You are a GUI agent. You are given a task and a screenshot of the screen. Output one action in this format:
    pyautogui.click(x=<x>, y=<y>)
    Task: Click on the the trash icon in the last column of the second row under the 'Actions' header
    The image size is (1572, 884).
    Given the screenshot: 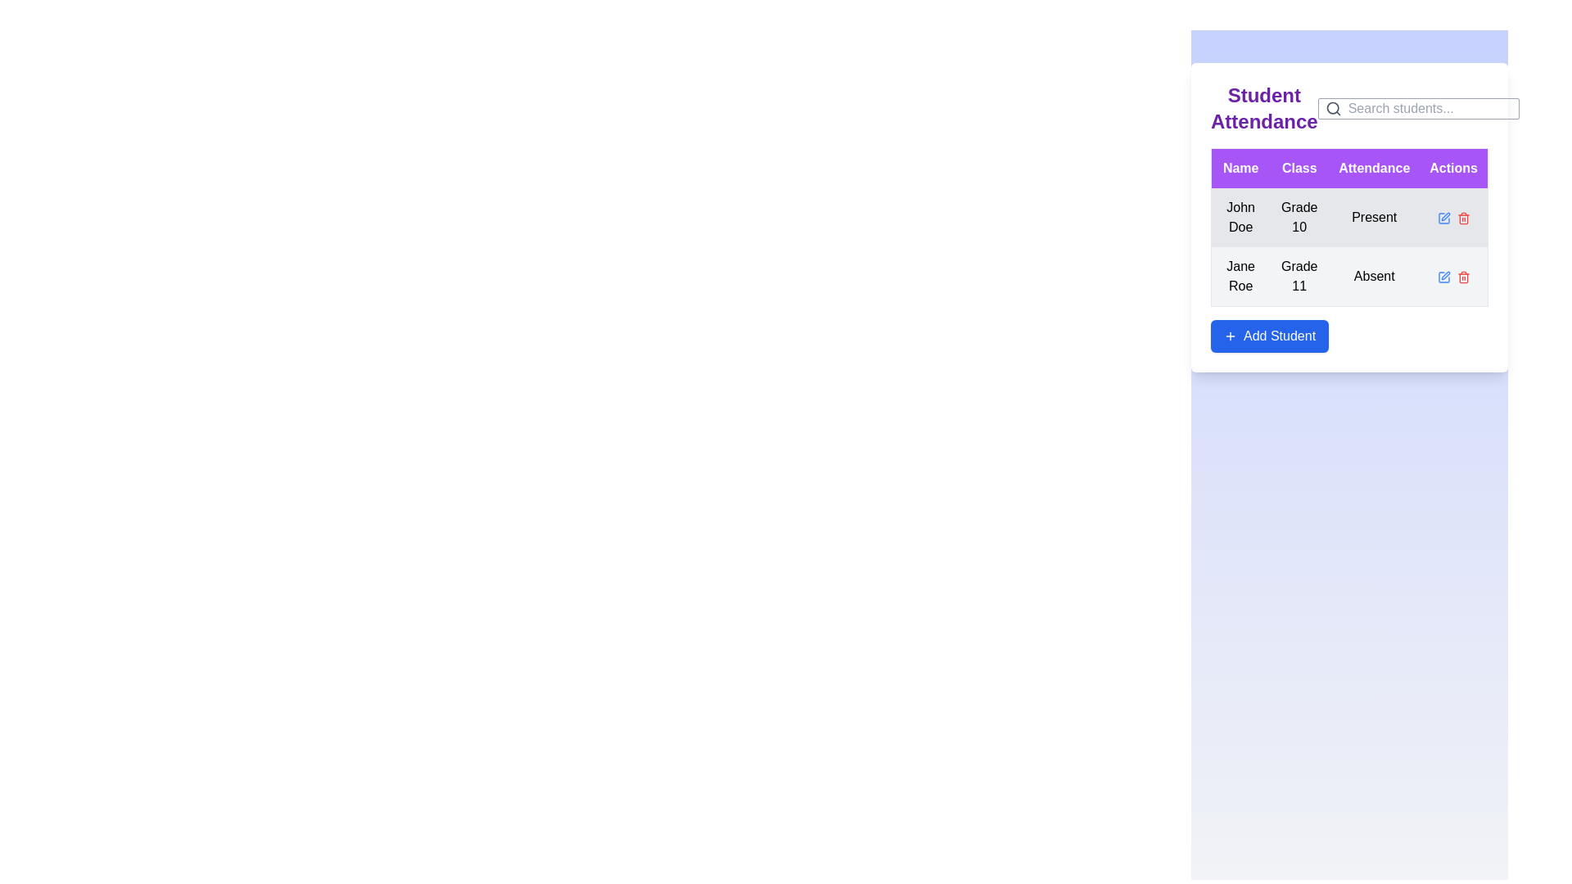 What is the action you would take?
    pyautogui.click(x=1463, y=276)
    